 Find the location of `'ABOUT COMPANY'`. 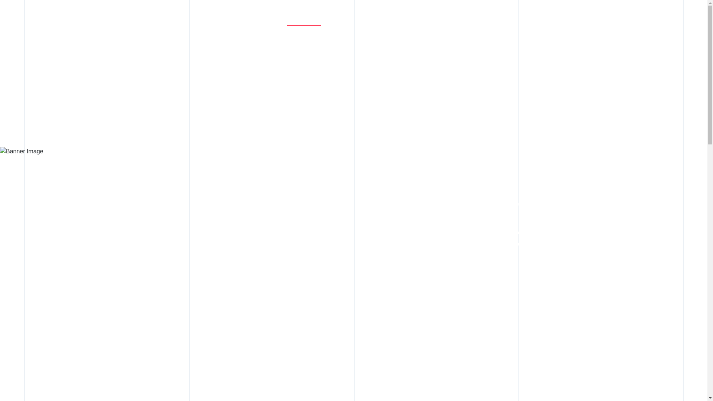

'ABOUT COMPANY' is located at coordinates (315, 22).